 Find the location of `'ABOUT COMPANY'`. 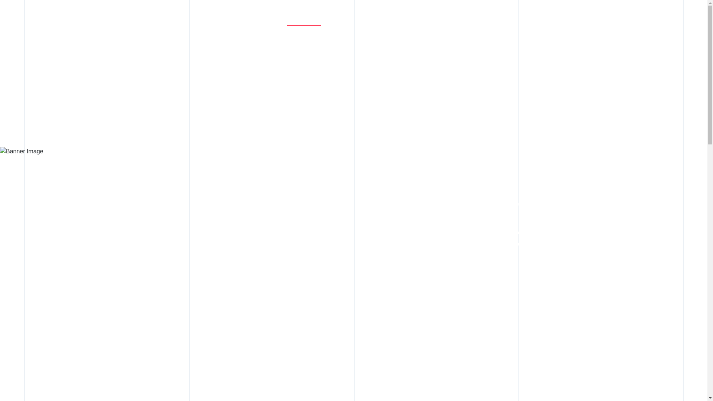

'ABOUT COMPANY' is located at coordinates (315, 22).